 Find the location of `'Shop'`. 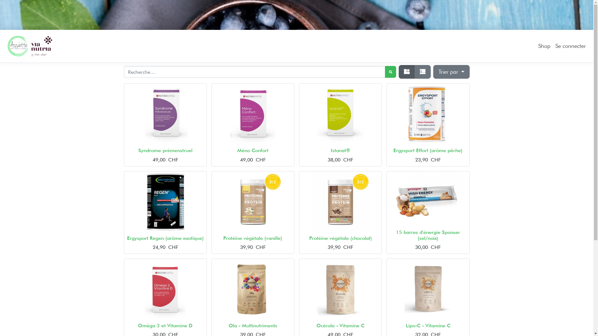

'Shop' is located at coordinates (544, 45).